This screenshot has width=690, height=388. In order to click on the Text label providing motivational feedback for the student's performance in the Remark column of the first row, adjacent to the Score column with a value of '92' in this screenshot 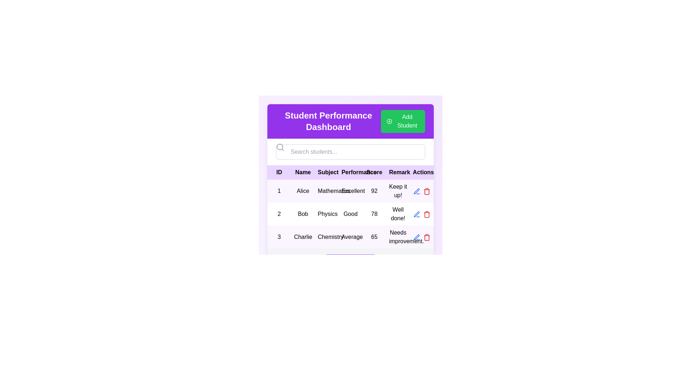, I will do `click(397, 191)`.